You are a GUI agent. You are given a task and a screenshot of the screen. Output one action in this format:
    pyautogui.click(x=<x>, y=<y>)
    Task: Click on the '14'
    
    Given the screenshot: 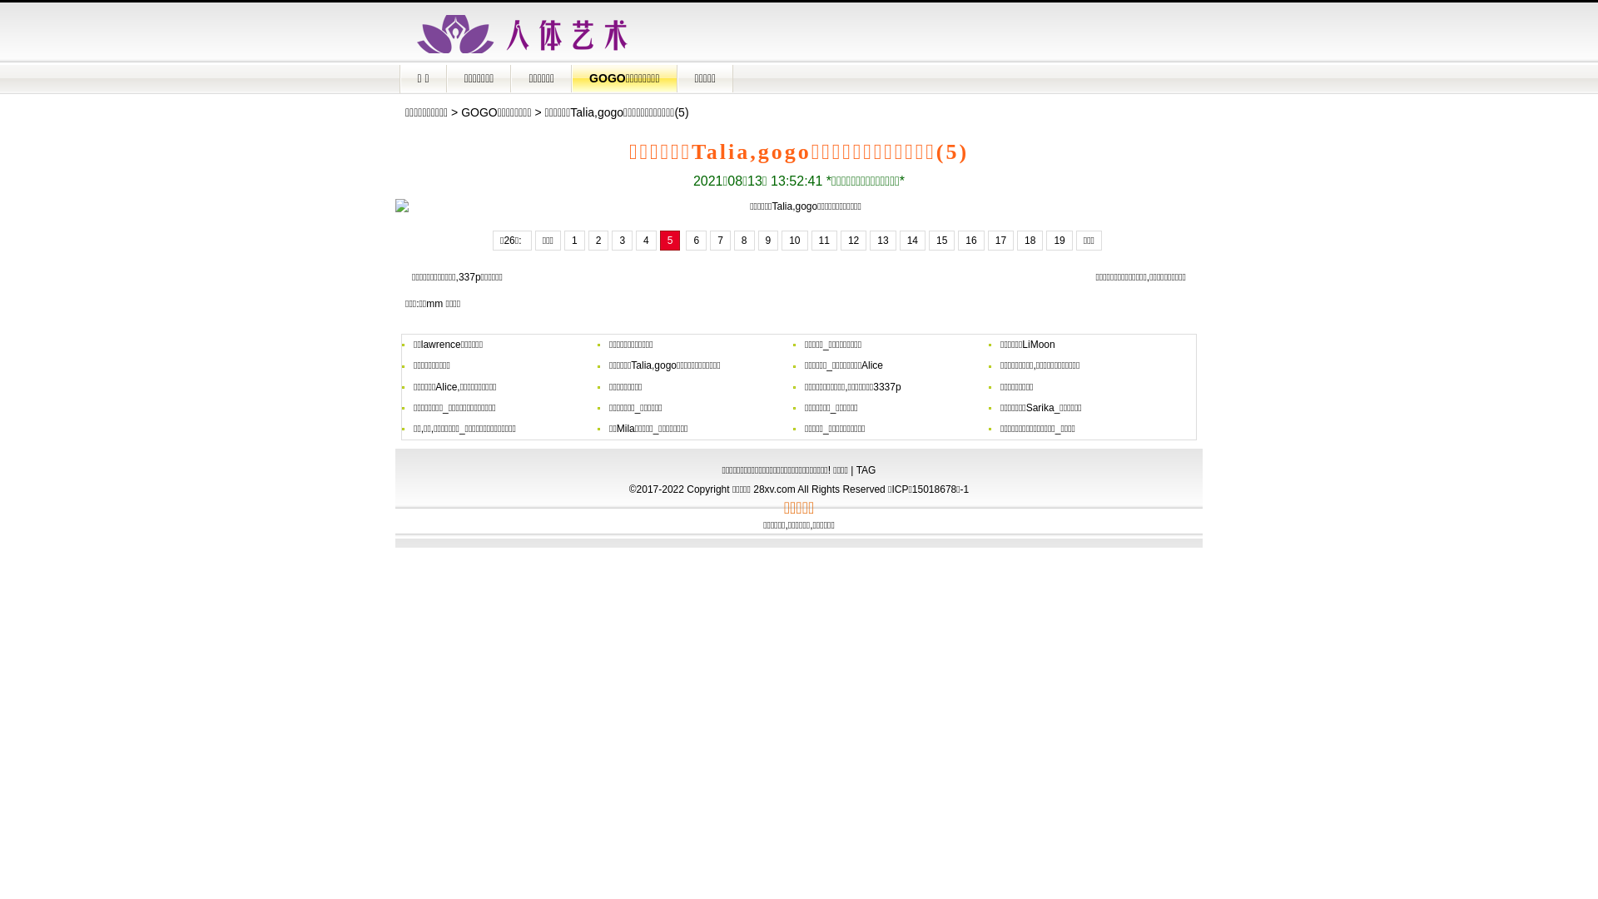 What is the action you would take?
    pyautogui.click(x=911, y=241)
    